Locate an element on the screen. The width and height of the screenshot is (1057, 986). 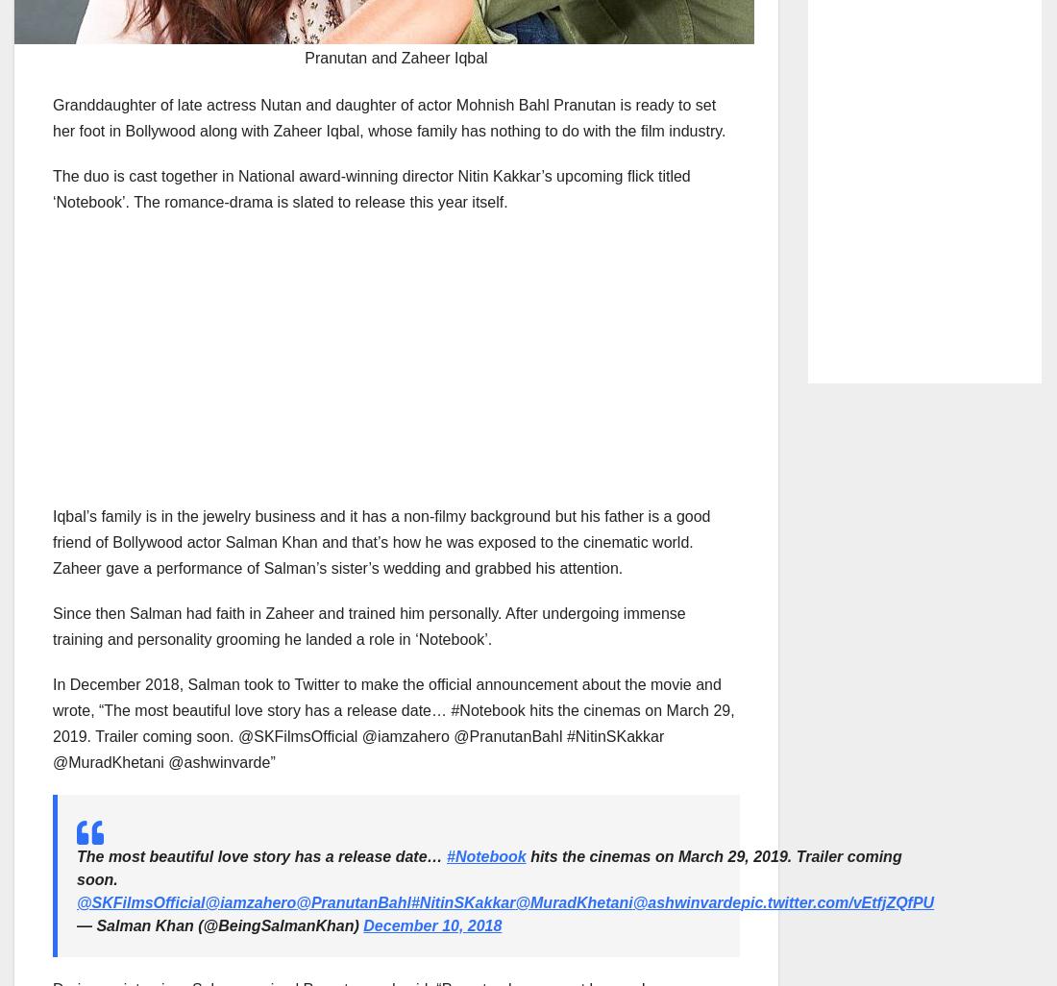
'Granddaughter of late actress Nutan and daughter of actor Mohnish Bahl Pranutan is ready to set her foot in Bollywood along with Zaheer Iqbal, whose family has nothing to do with the film industry.' is located at coordinates (52, 116).